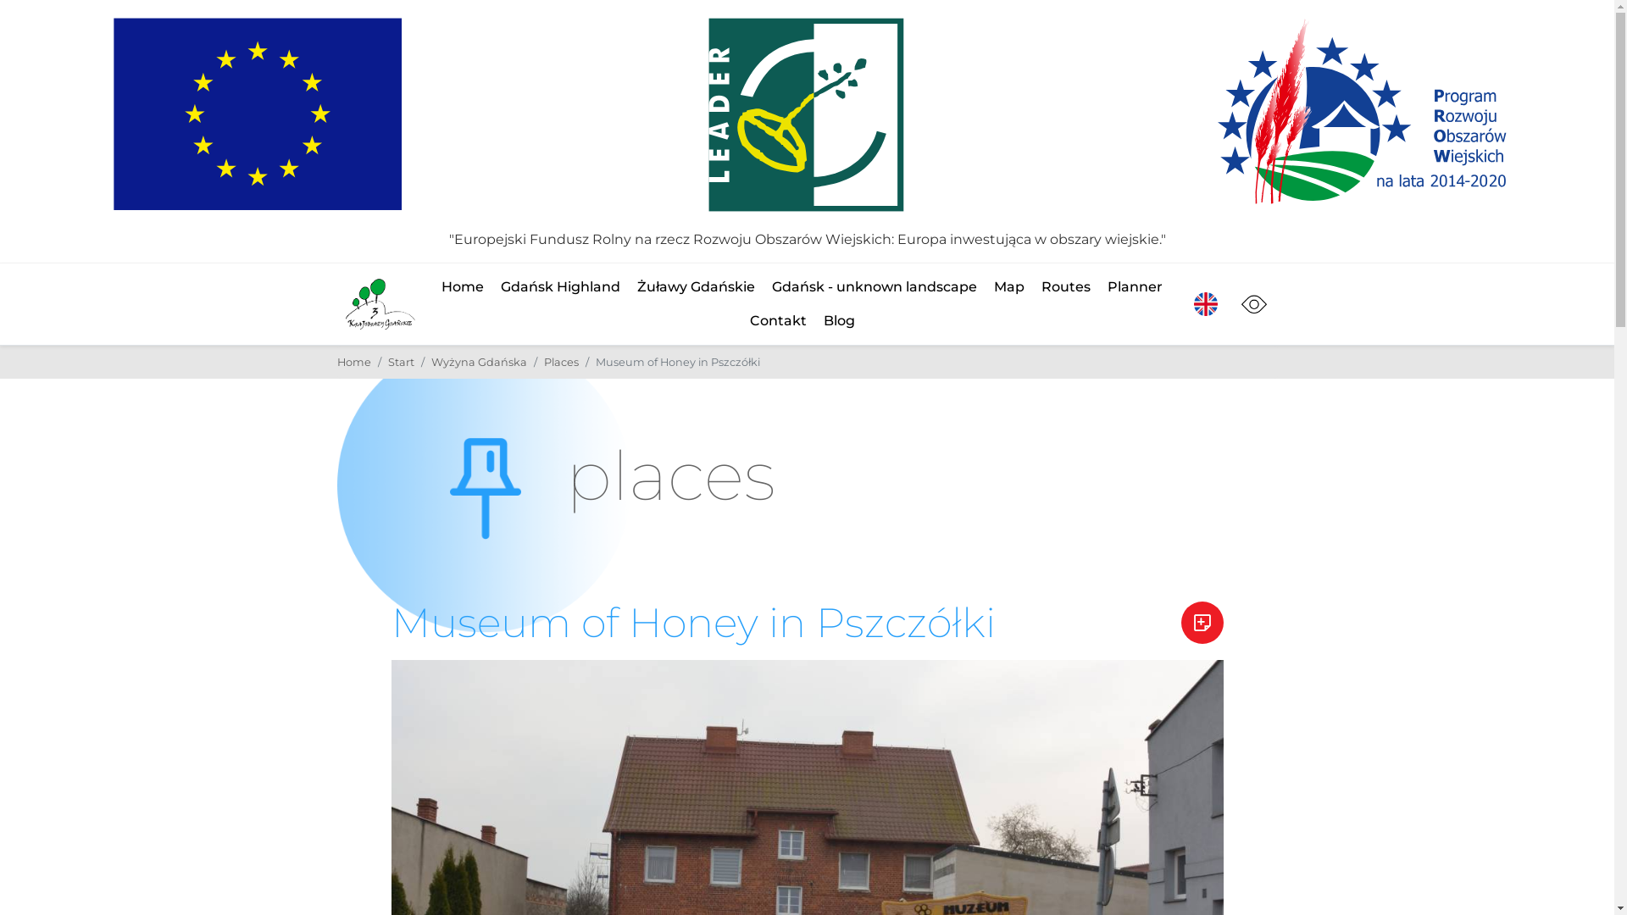 The height and width of the screenshot is (915, 1627). What do you see at coordinates (1107, 286) in the screenshot?
I see `'Planner'` at bounding box center [1107, 286].